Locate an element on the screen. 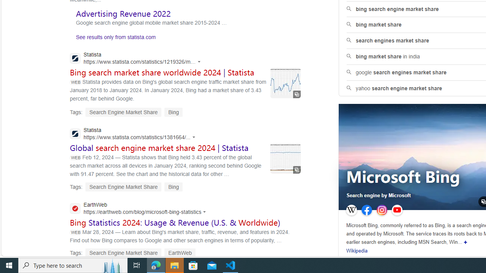 This screenshot has height=273, width=486. 'Actions for this site' is located at coordinates (206, 212).